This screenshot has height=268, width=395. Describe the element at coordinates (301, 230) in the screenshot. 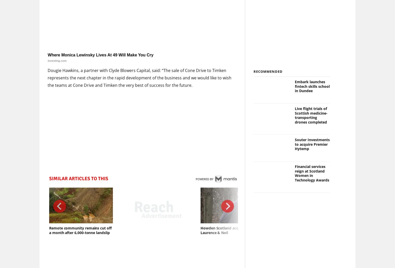

I see `'Court of Session finds Glasgow’s low emission zone to be lawful'` at that location.